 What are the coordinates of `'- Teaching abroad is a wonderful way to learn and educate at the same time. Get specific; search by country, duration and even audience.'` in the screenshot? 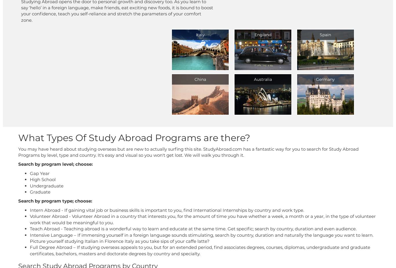 It's located at (60, 229).